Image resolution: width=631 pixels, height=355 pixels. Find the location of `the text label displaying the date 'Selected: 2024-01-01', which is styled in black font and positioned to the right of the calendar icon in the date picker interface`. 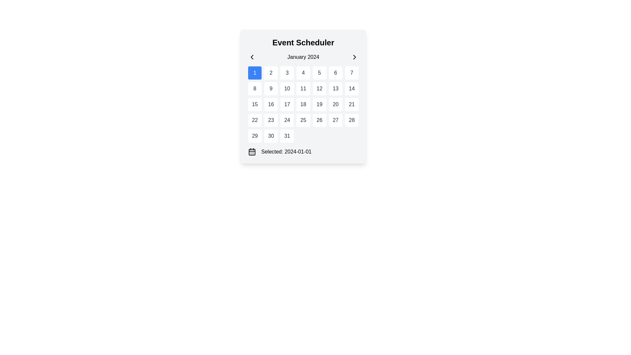

the text label displaying the date 'Selected: 2024-01-01', which is styled in black font and positioned to the right of the calendar icon in the date picker interface is located at coordinates (286, 152).